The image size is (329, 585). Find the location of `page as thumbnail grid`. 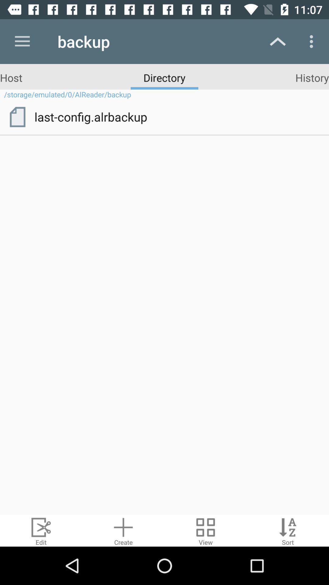

page as thumbnail grid is located at coordinates (206, 530).